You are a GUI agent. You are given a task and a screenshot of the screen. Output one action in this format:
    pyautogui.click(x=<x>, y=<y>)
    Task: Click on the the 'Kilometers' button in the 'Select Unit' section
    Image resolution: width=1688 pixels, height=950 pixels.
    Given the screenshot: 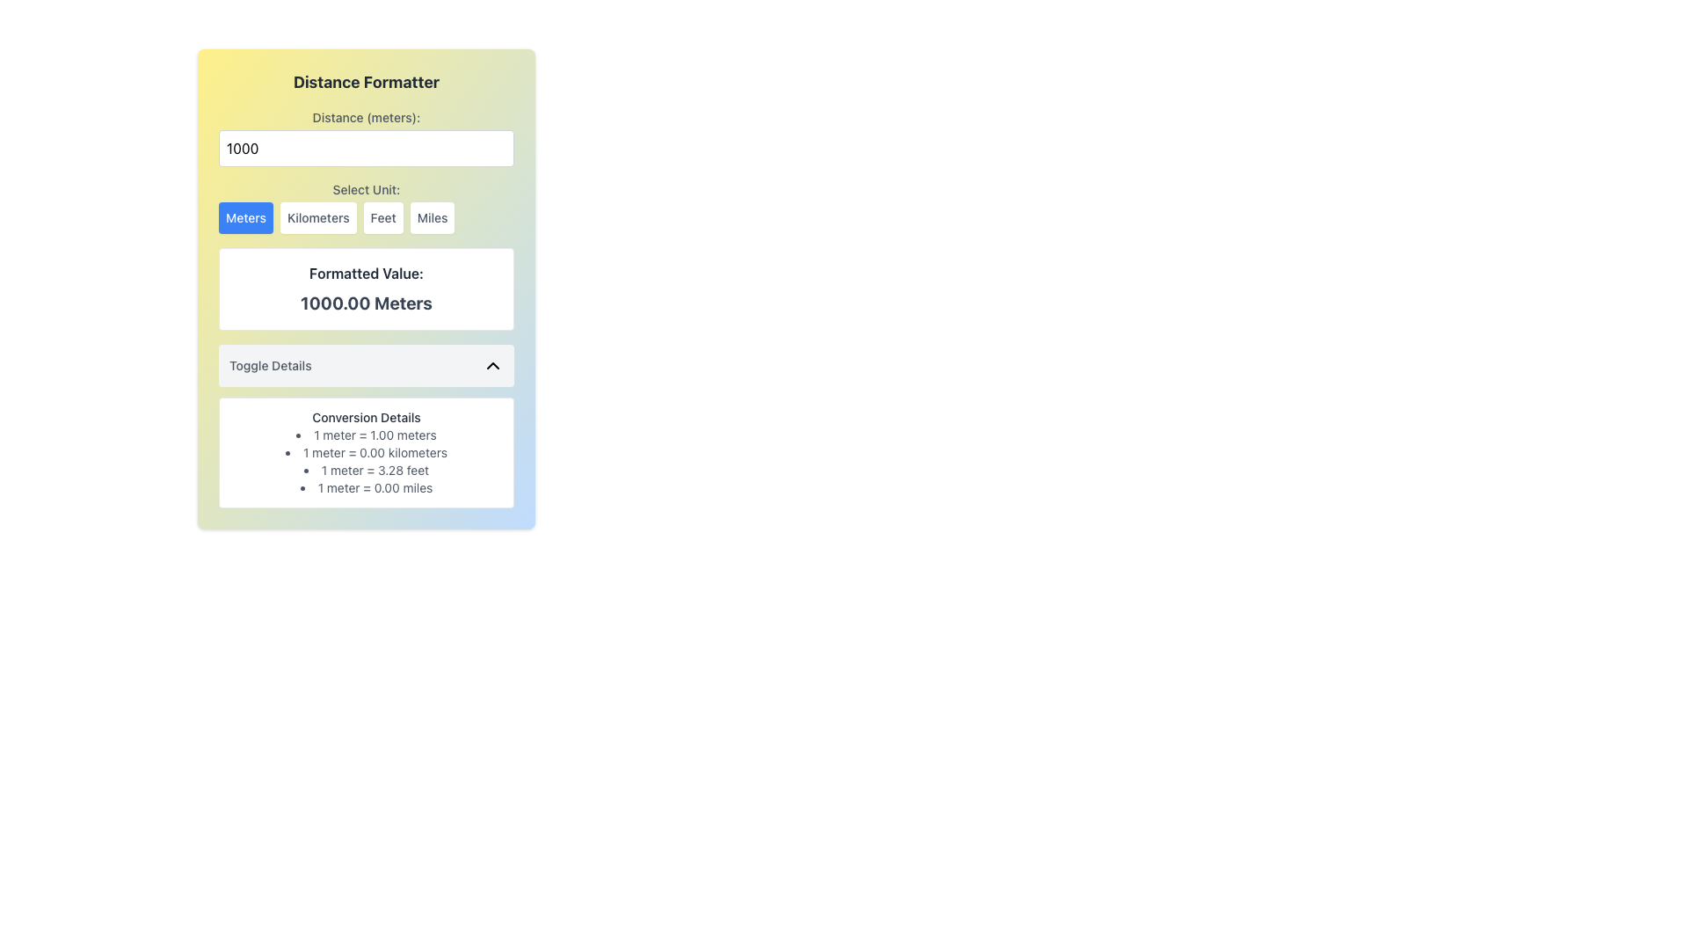 What is the action you would take?
    pyautogui.click(x=317, y=216)
    